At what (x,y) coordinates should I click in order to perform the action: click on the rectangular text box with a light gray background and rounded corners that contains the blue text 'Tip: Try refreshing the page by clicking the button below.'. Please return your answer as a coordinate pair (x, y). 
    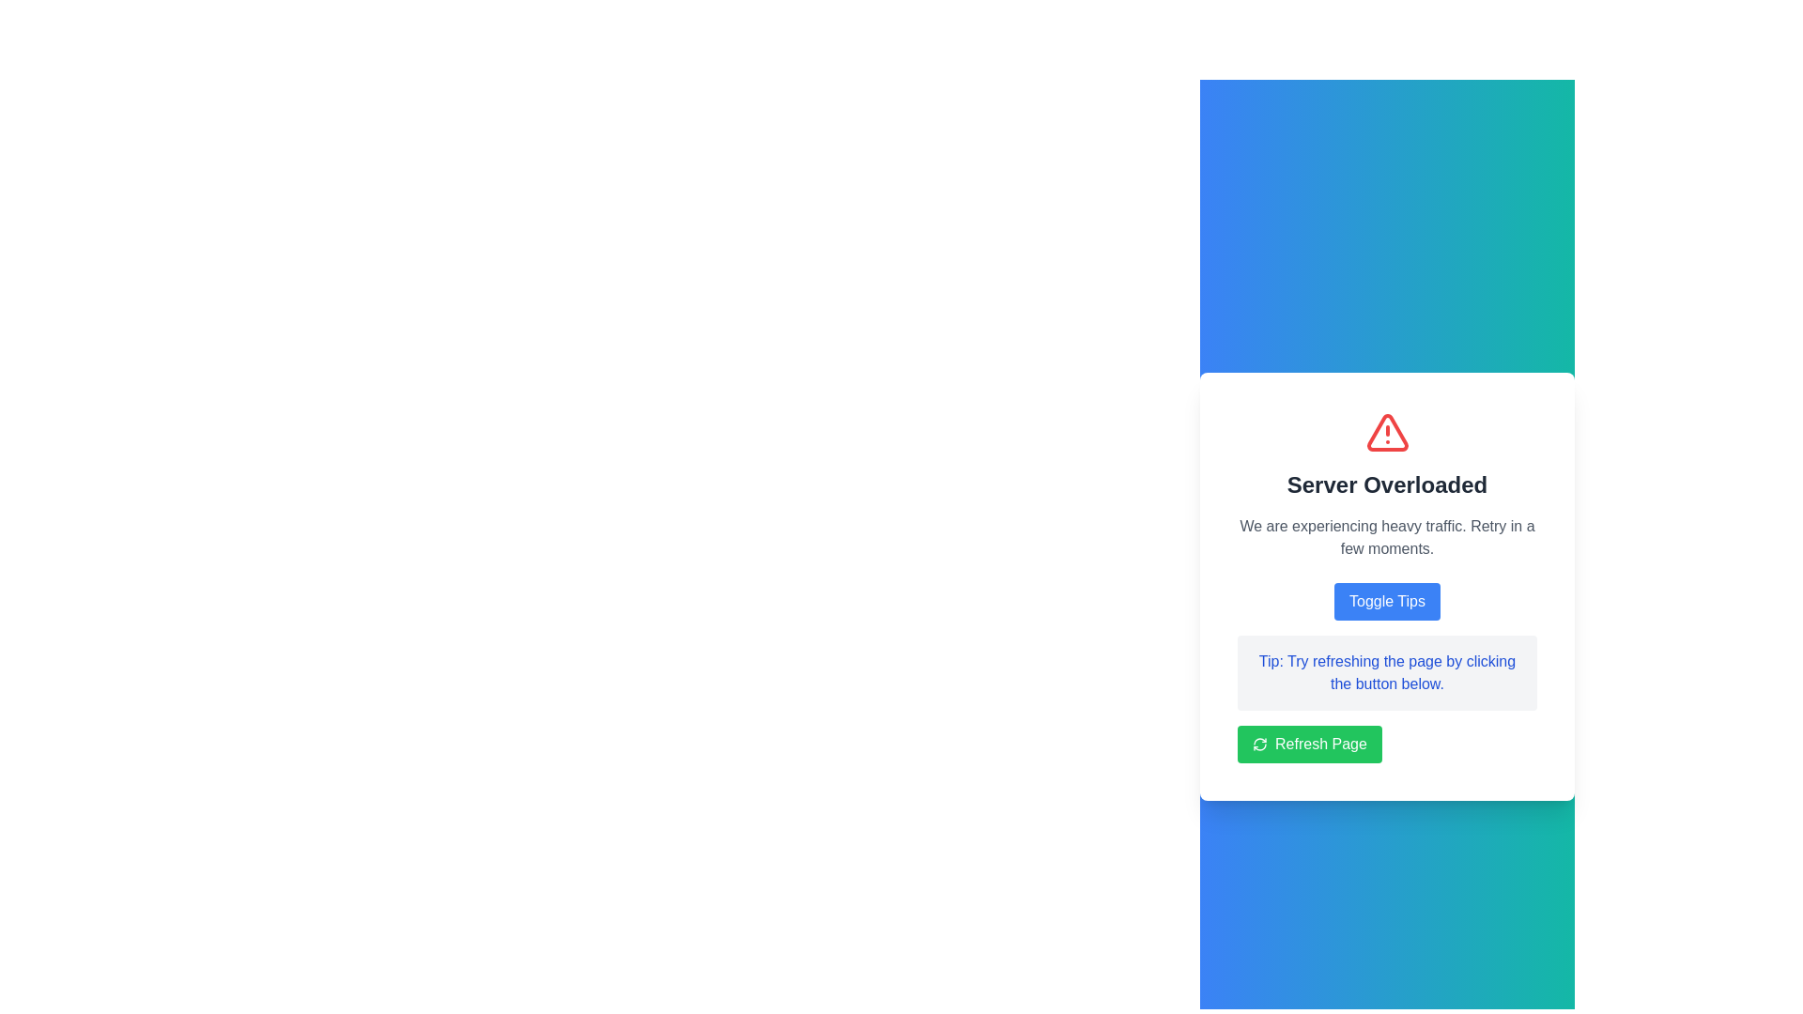
    Looking at the image, I should click on (1387, 672).